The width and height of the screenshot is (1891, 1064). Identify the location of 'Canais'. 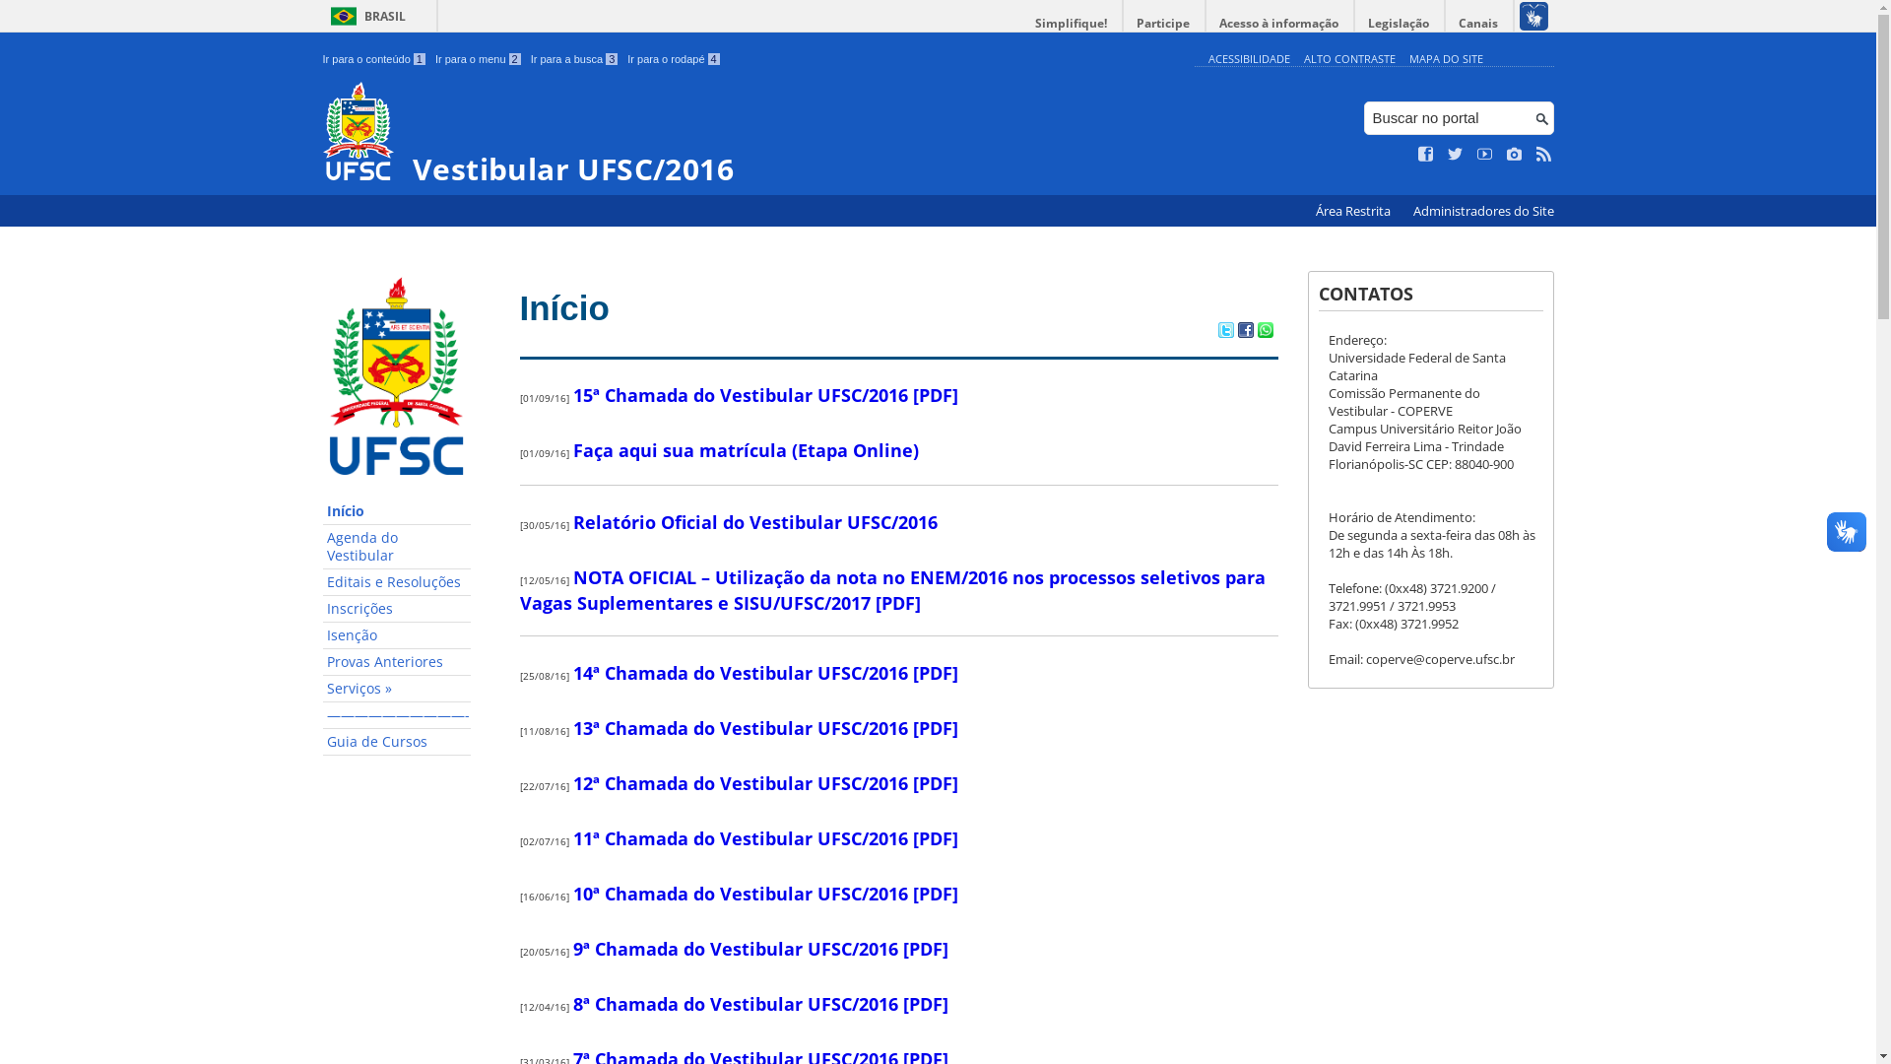
(1479, 23).